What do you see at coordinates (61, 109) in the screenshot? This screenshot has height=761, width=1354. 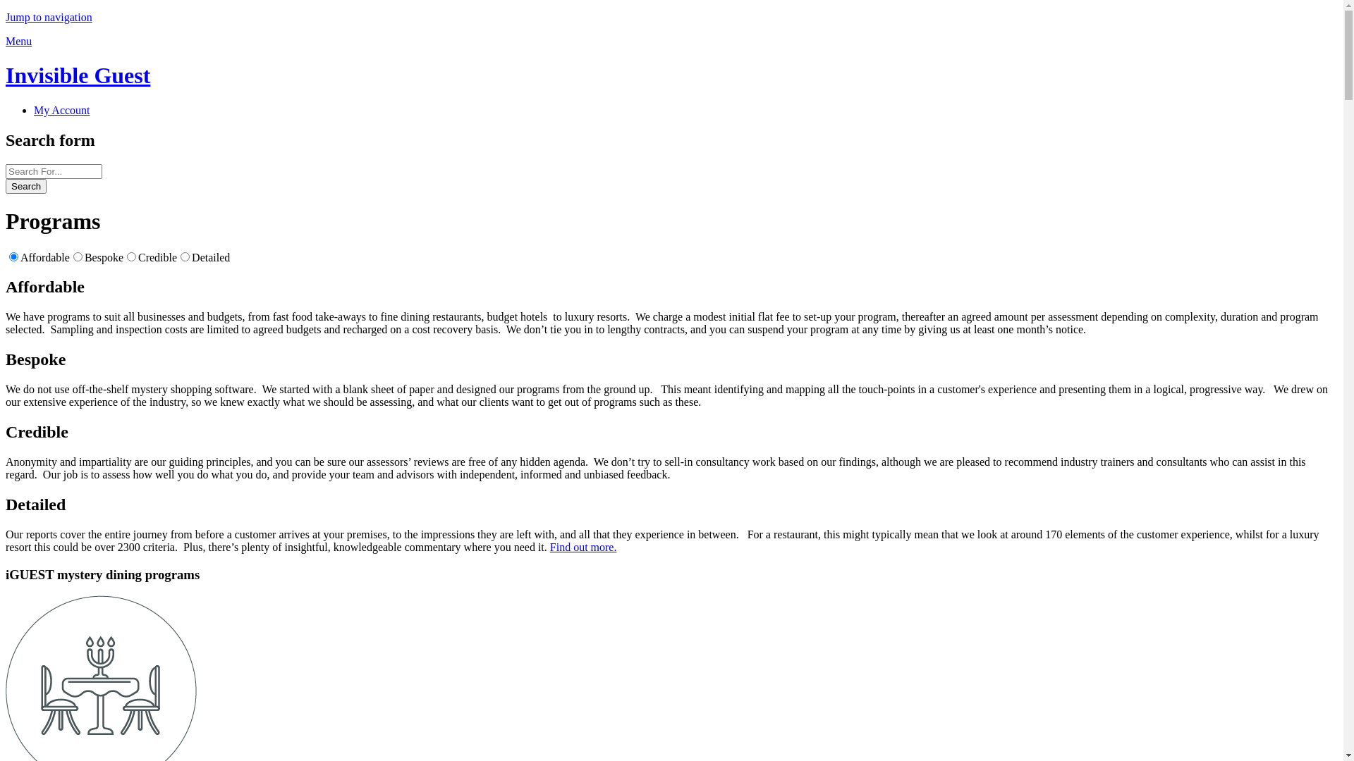 I see `'My Account'` at bounding box center [61, 109].